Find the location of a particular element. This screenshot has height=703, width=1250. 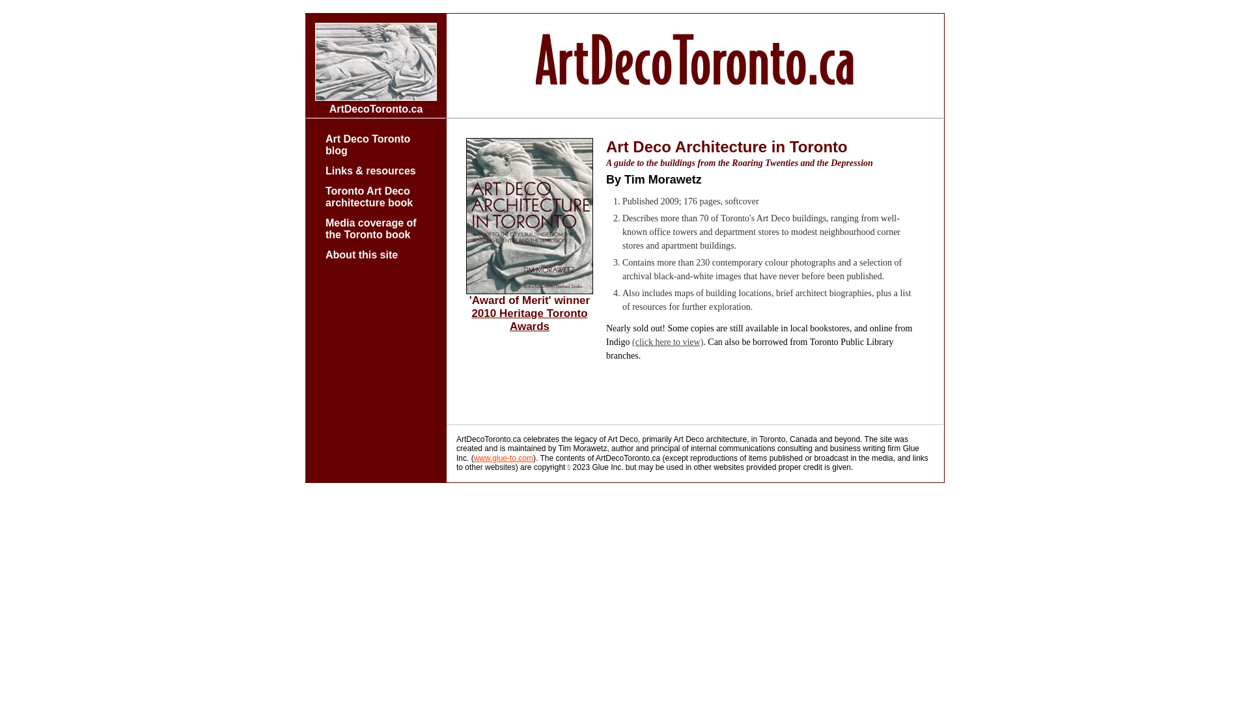

'2010 Heritage Toronto is located at coordinates (471, 320).